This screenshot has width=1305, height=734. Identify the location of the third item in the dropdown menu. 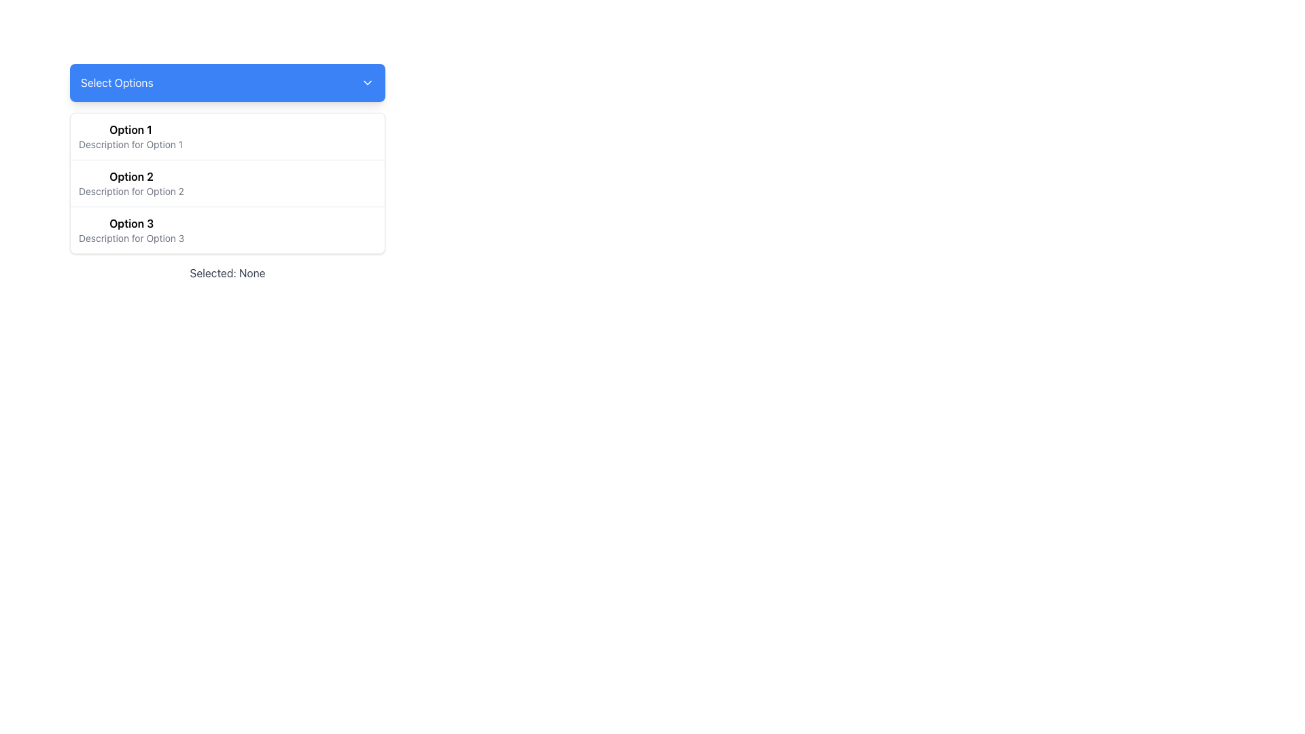
(131, 230).